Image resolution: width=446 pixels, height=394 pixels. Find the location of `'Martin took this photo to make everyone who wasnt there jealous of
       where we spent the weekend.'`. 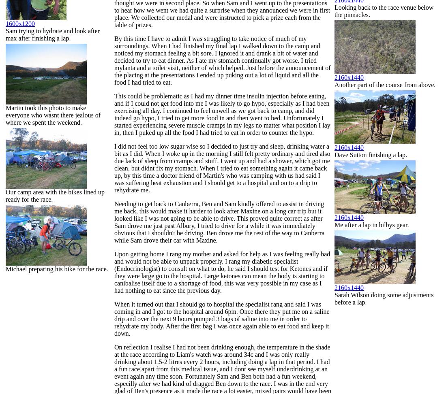

'Martin took this photo to make everyone who wasnt there jealous of
       where we spent the weekend.' is located at coordinates (53, 115).